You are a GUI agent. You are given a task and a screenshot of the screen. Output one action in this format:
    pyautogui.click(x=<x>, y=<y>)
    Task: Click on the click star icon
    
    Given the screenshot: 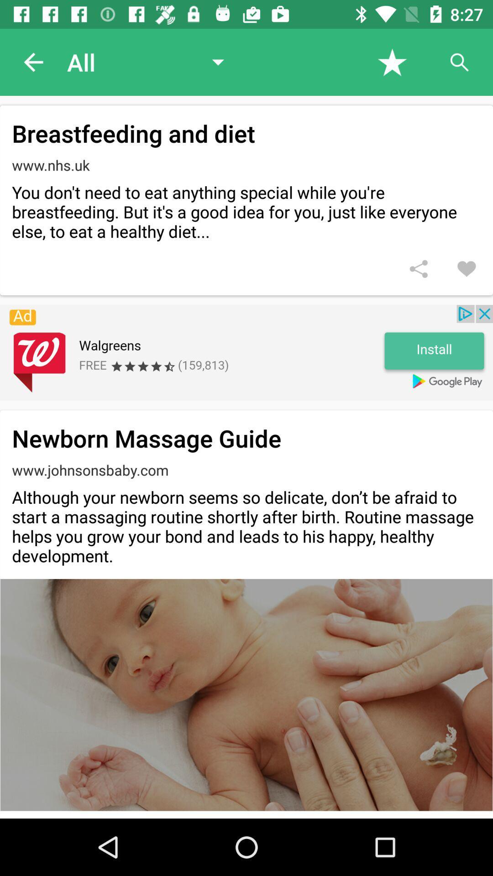 What is the action you would take?
    pyautogui.click(x=392, y=62)
    